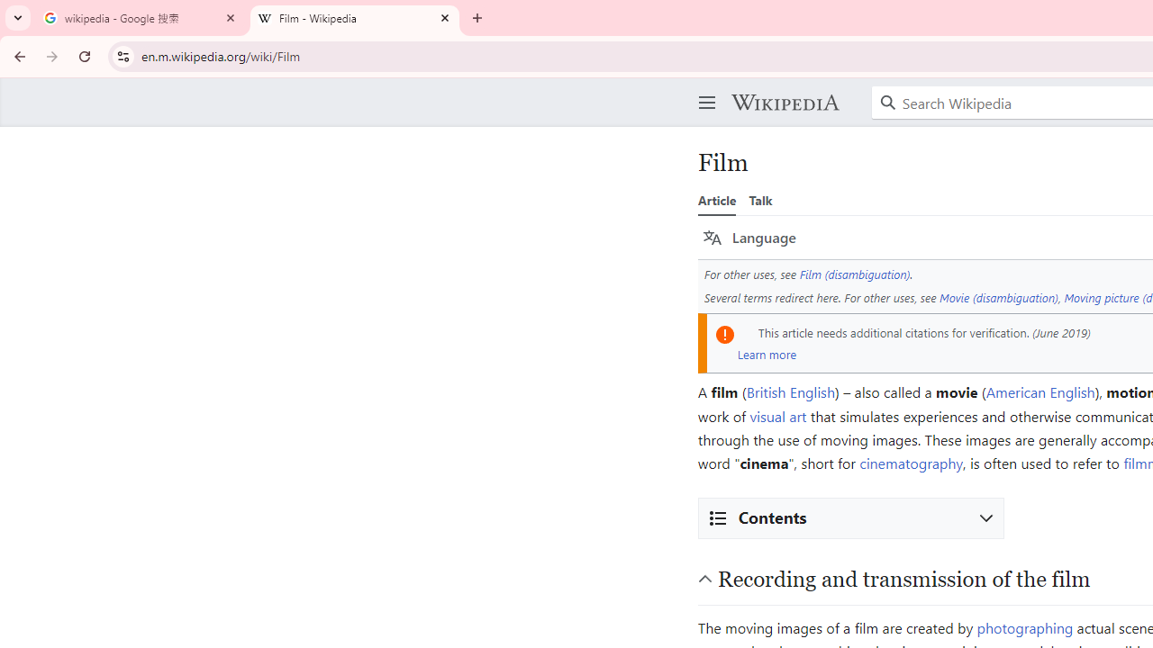 This screenshot has width=1153, height=648. What do you see at coordinates (355, 18) in the screenshot?
I see `'Film - Wikipedia'` at bounding box center [355, 18].